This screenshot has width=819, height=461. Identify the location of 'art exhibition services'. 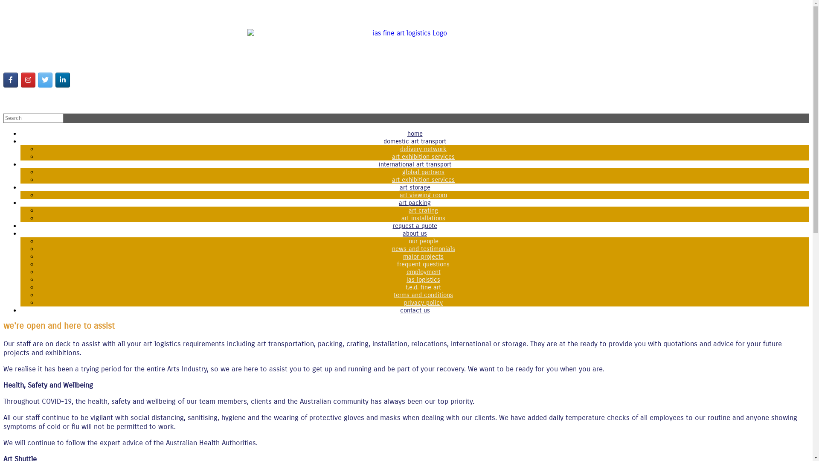
(423, 179).